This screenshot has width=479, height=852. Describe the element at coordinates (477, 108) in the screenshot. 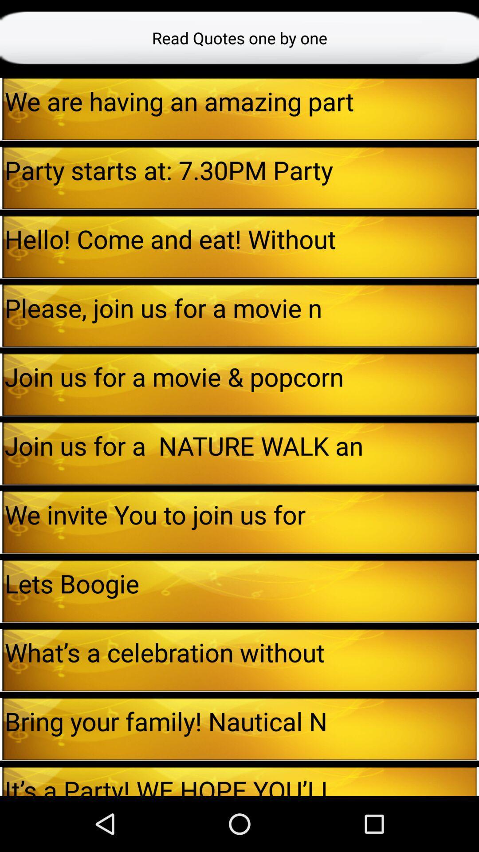

I see `the icon next to the we are having app` at that location.